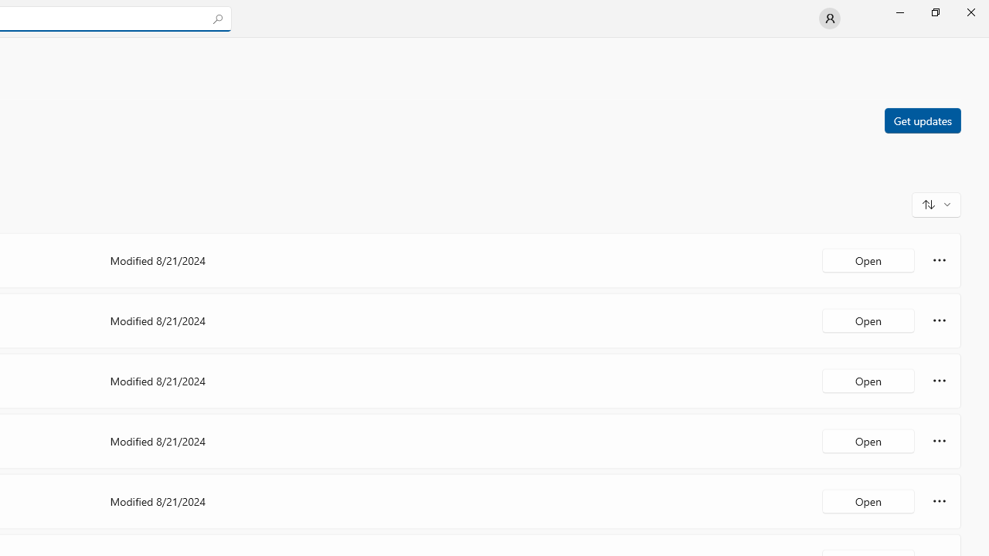 This screenshot has width=989, height=556. I want to click on 'Close Microsoft Store', so click(970, 12).